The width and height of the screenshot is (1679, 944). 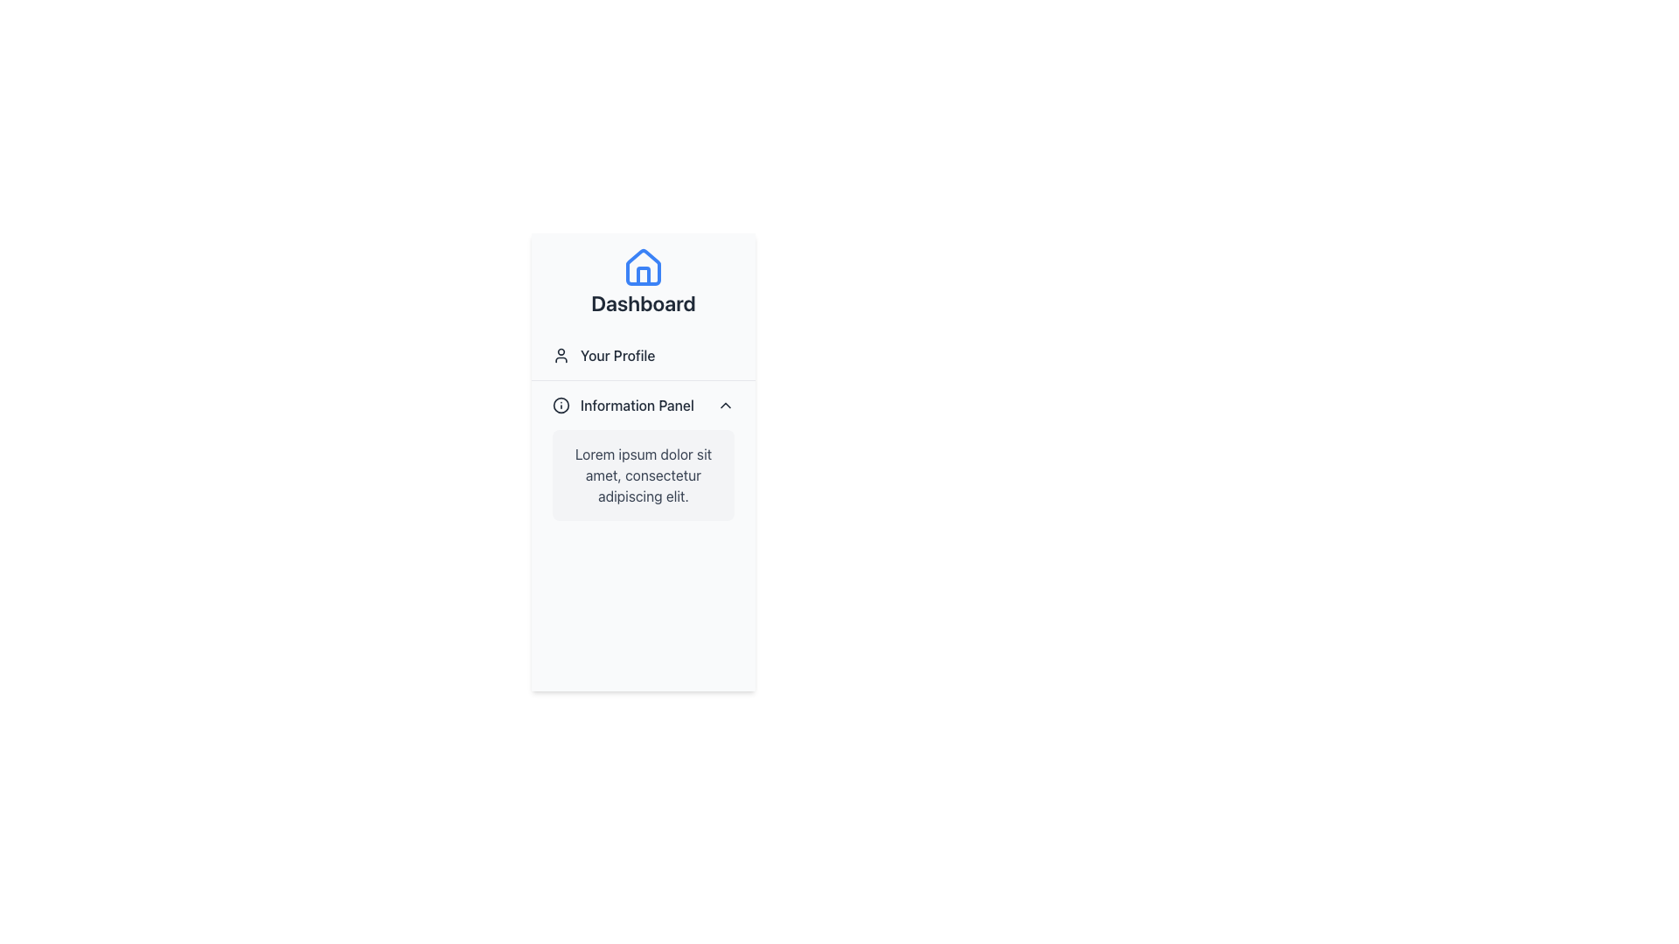 I want to click on the 'Information Panel' text label, so click(x=637, y=405).